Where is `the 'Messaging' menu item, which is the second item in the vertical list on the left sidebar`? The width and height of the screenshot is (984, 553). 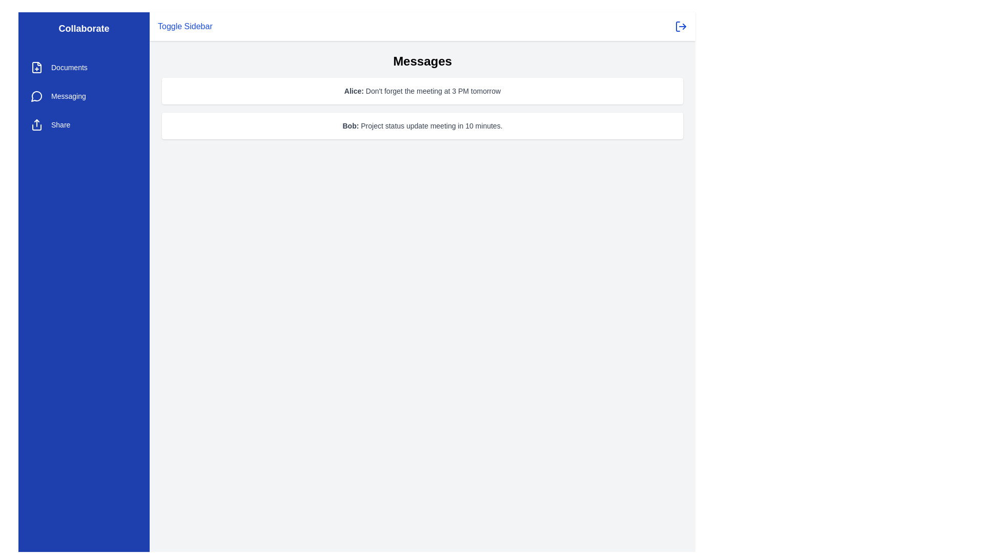
the 'Messaging' menu item, which is the second item in the vertical list on the left sidebar is located at coordinates (84, 96).